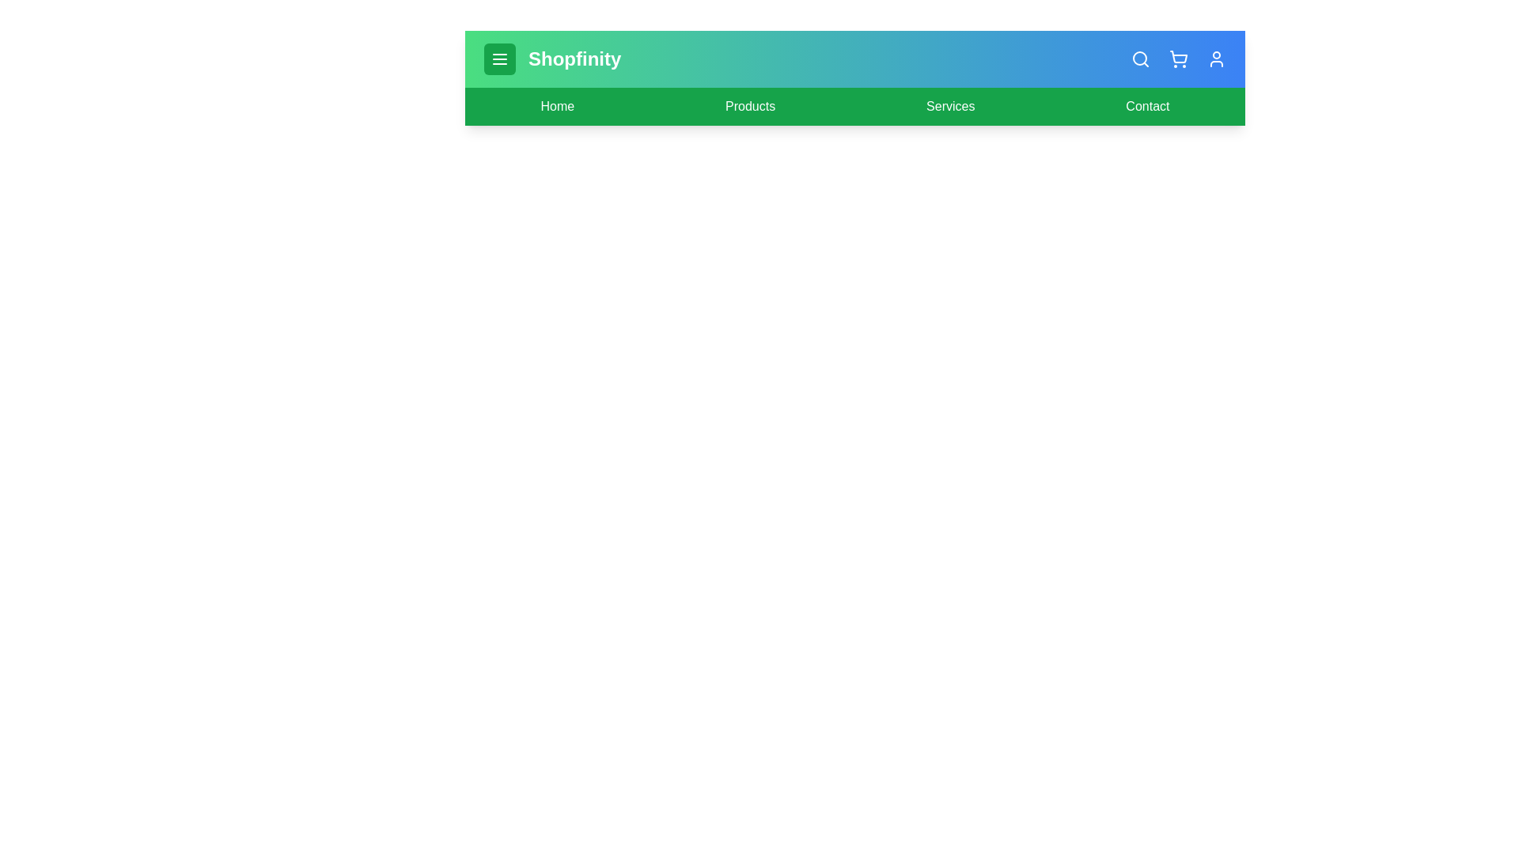 The image size is (1519, 854). I want to click on the user icon to access user settings or profile, so click(1215, 58).